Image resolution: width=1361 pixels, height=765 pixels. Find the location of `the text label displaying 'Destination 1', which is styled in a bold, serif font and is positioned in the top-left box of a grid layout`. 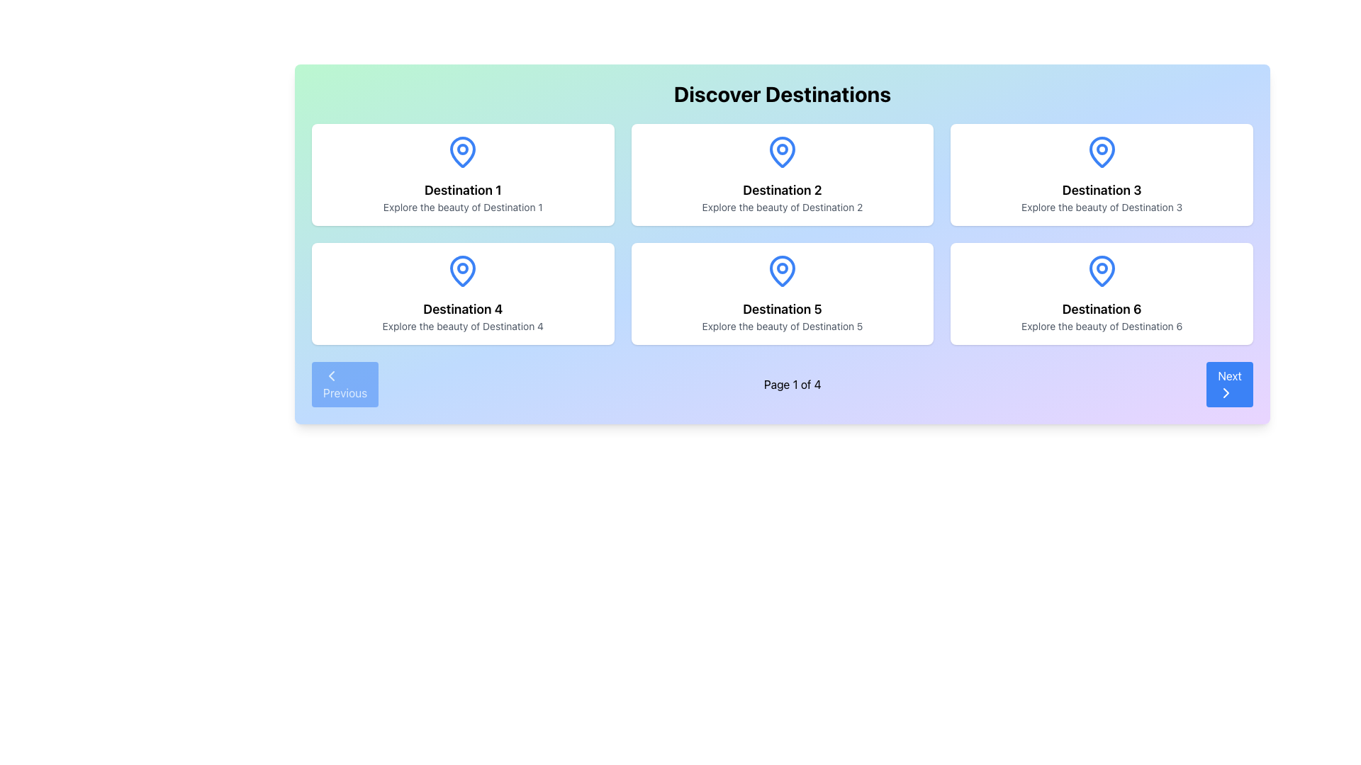

the text label displaying 'Destination 1', which is styled in a bold, serif font and is positioned in the top-left box of a grid layout is located at coordinates (463, 190).